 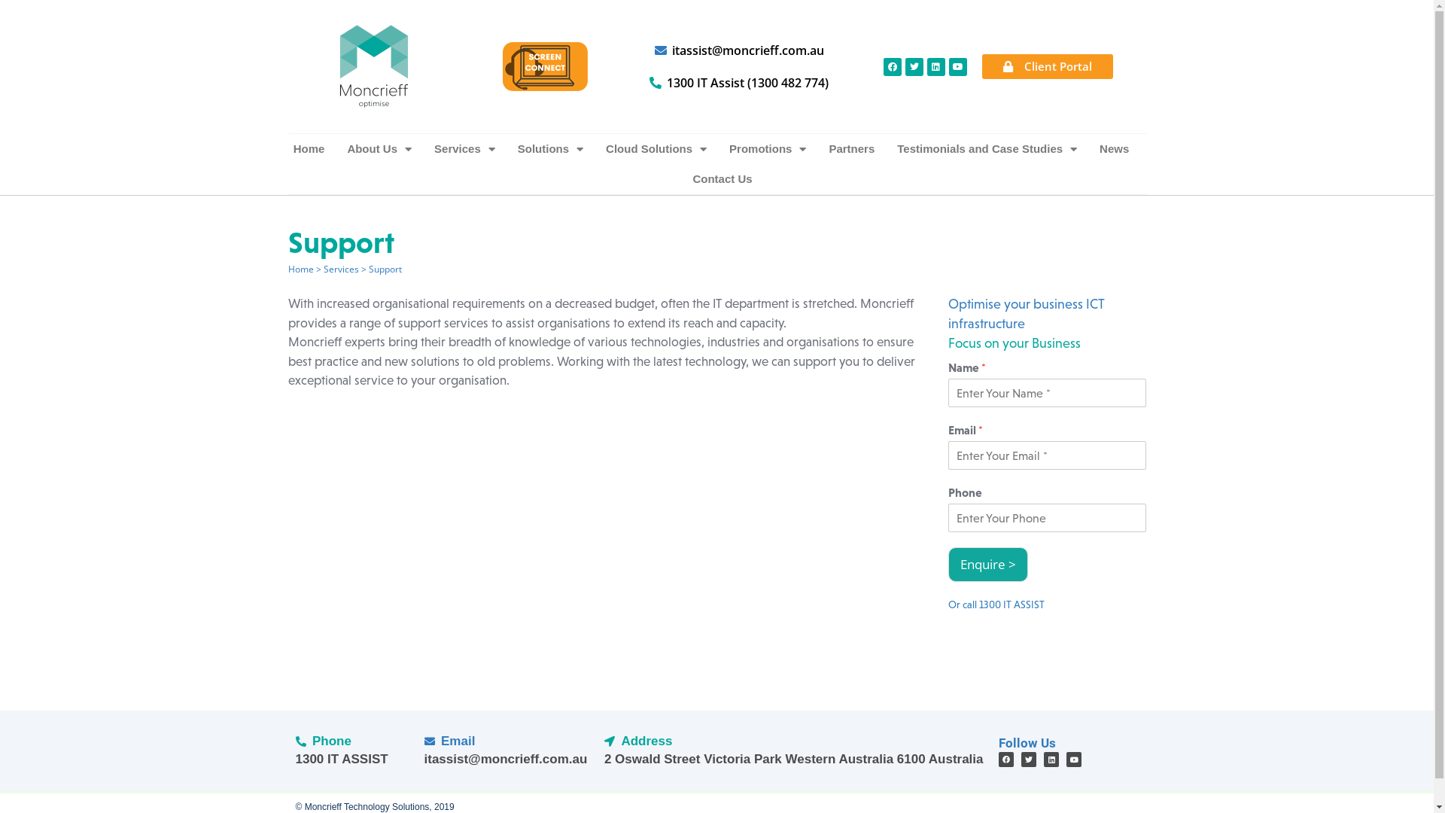 I want to click on 'Home', so click(x=309, y=148).